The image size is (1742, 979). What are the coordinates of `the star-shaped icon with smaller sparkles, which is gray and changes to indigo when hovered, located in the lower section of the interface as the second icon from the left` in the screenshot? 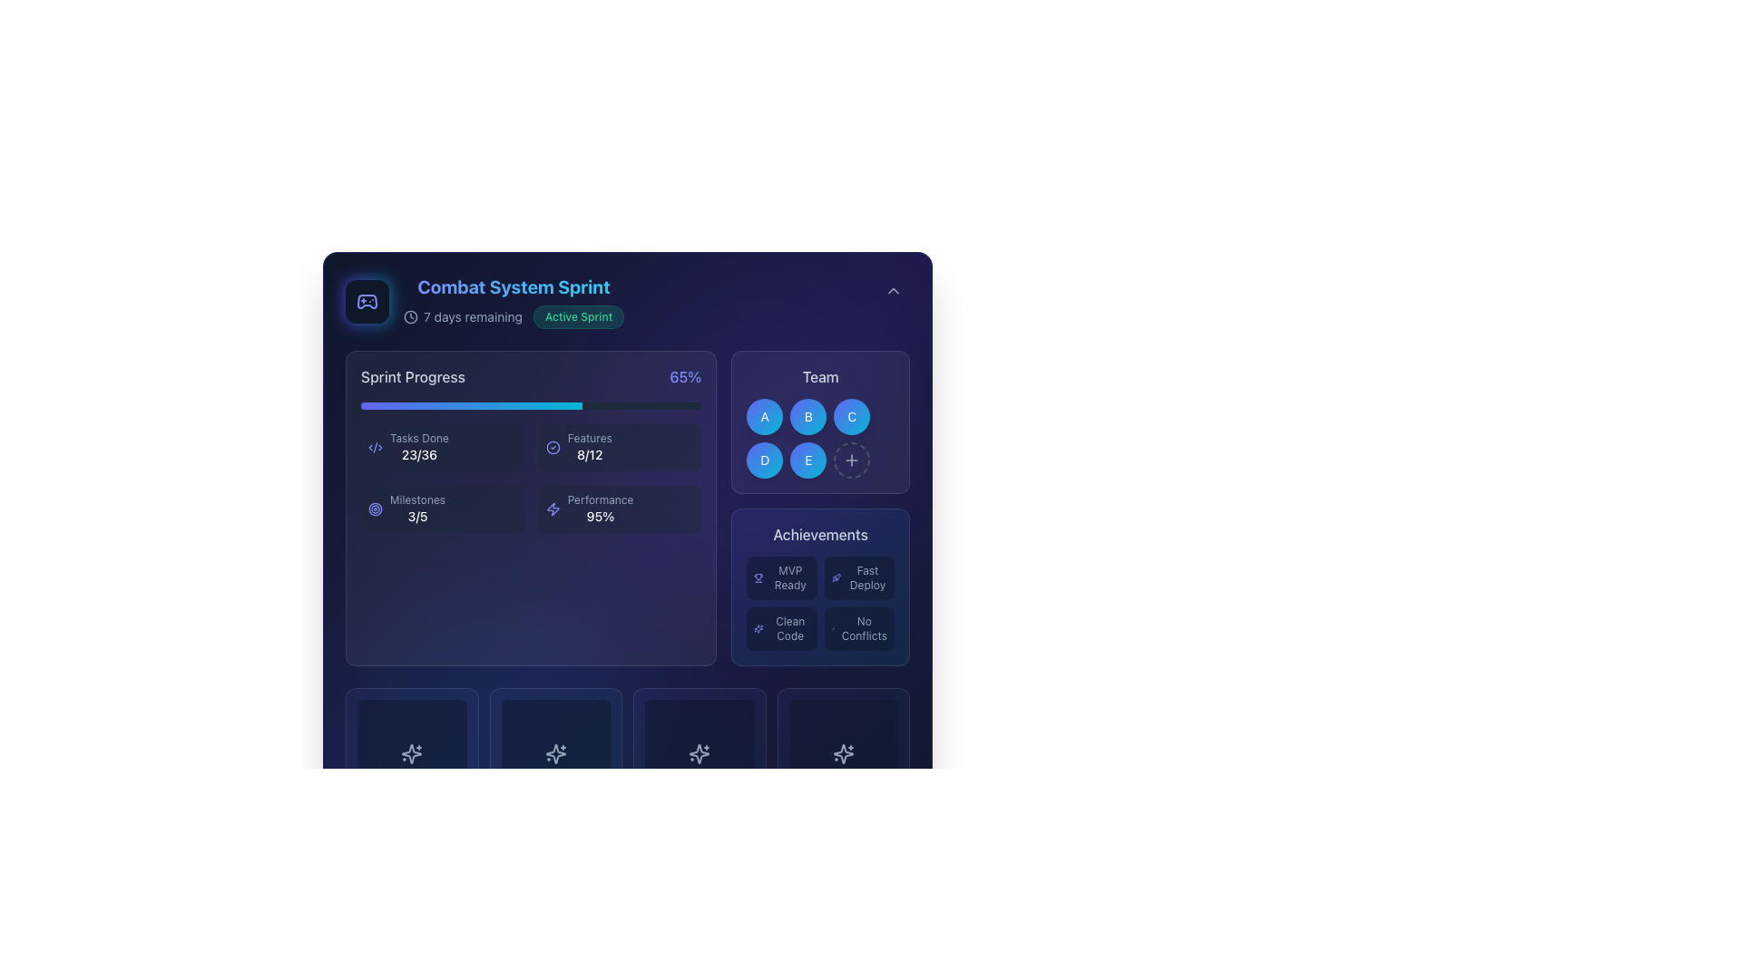 It's located at (554, 754).